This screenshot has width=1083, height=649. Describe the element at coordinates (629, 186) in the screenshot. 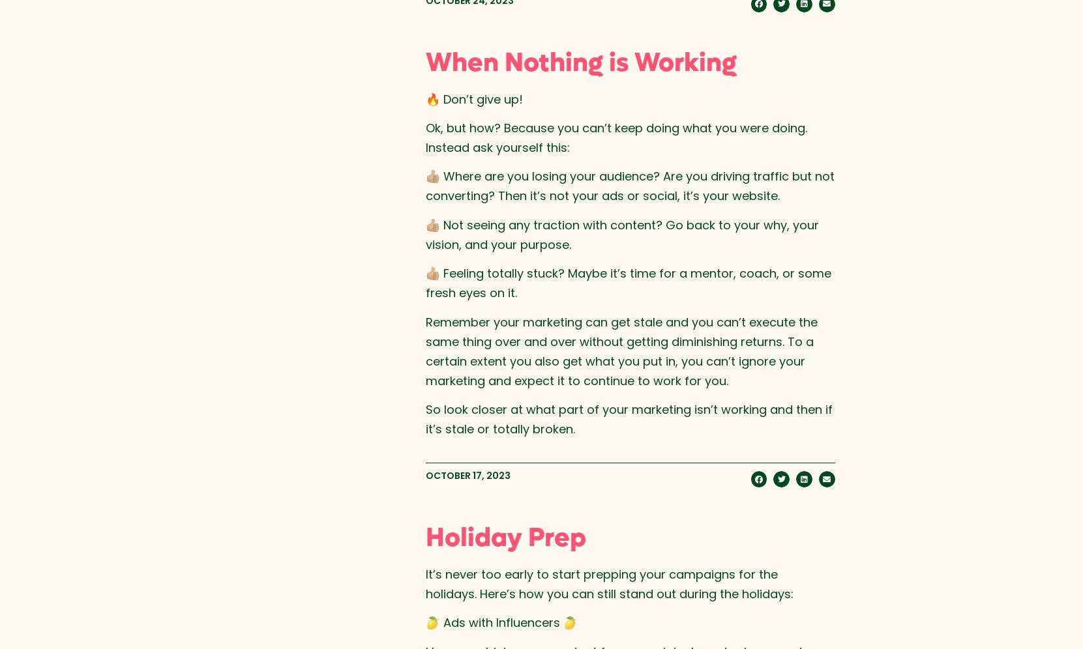

I see `'👍🏼 Where are you losing your audience? Are you driving traffic but not converting? Then it’s not your ads or social, it’s your website.'` at that location.